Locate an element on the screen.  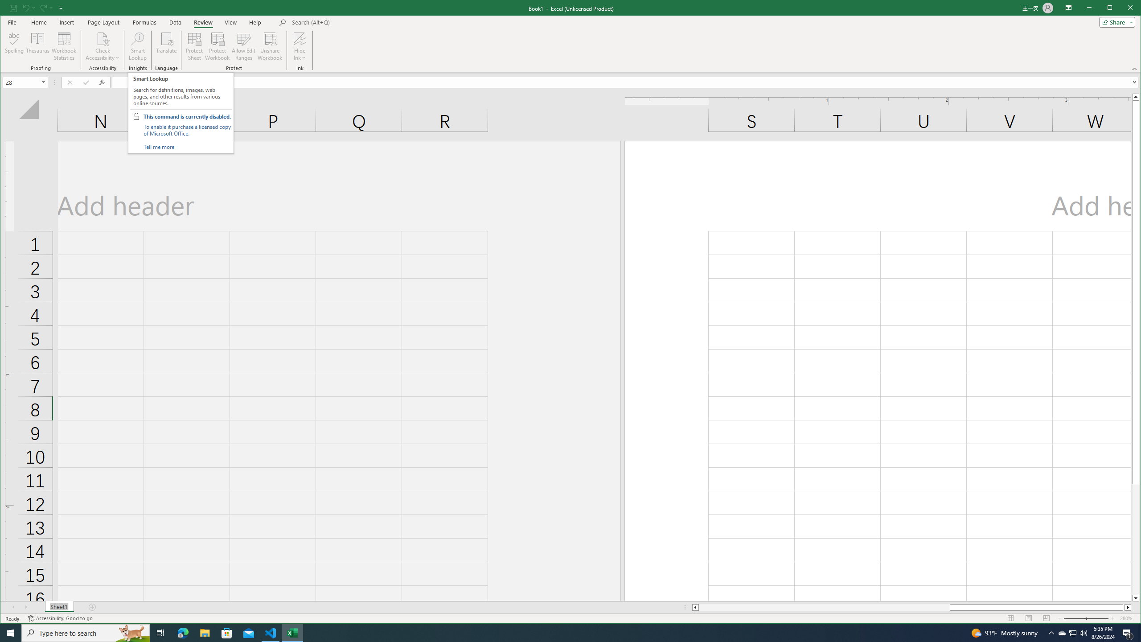
'Microsoft Edge' is located at coordinates (182, 632).